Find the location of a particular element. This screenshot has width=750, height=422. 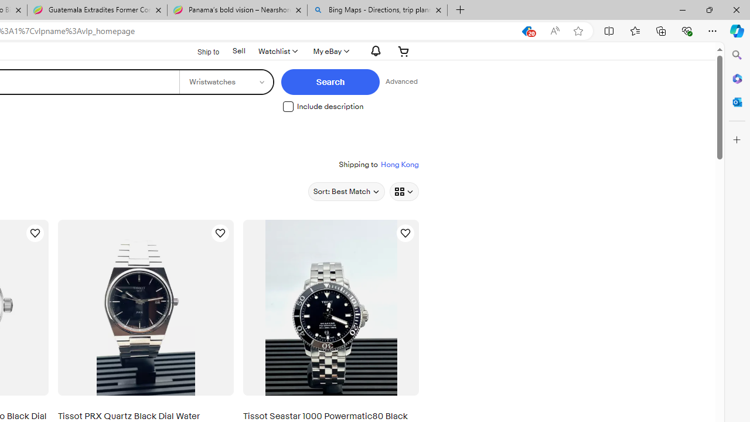

'My eBayExpand My eBay' is located at coordinates (330, 50).